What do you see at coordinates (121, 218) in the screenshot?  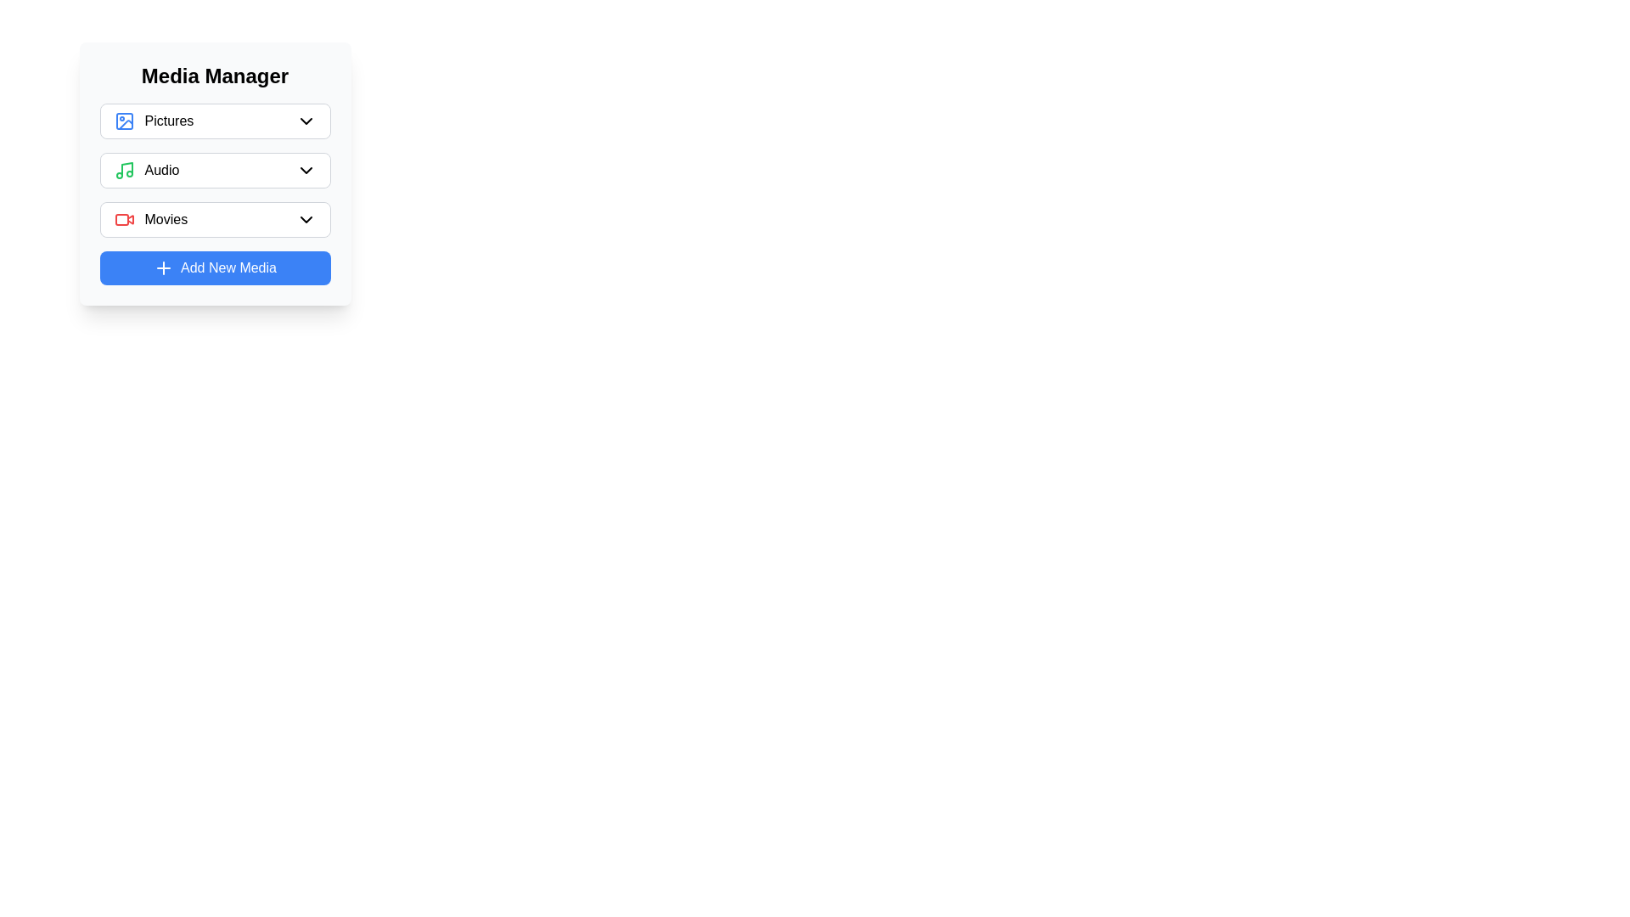 I see `the inner rounded rectangle of the video symbol in the 'Media Manager' section, which is a graphical icon with no visible color` at bounding box center [121, 218].